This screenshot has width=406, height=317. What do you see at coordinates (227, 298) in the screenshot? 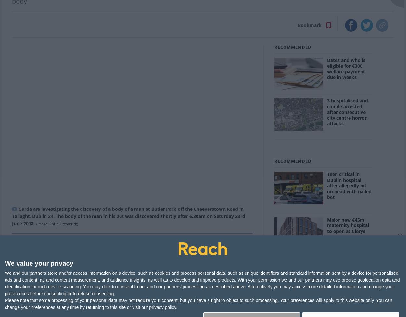
I see `'My Bookmarks.'` at bounding box center [227, 298].